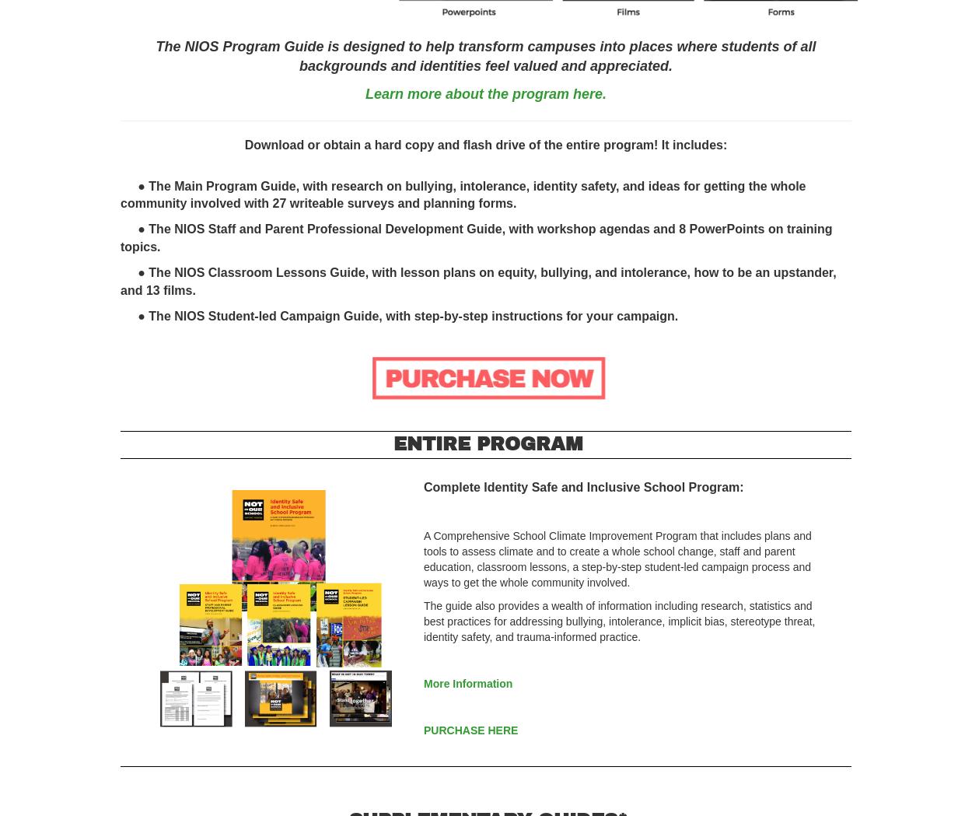 Image resolution: width=972 pixels, height=816 pixels. What do you see at coordinates (583, 487) in the screenshot?
I see `'Complete Identity Safe and Inclusive School Program:'` at bounding box center [583, 487].